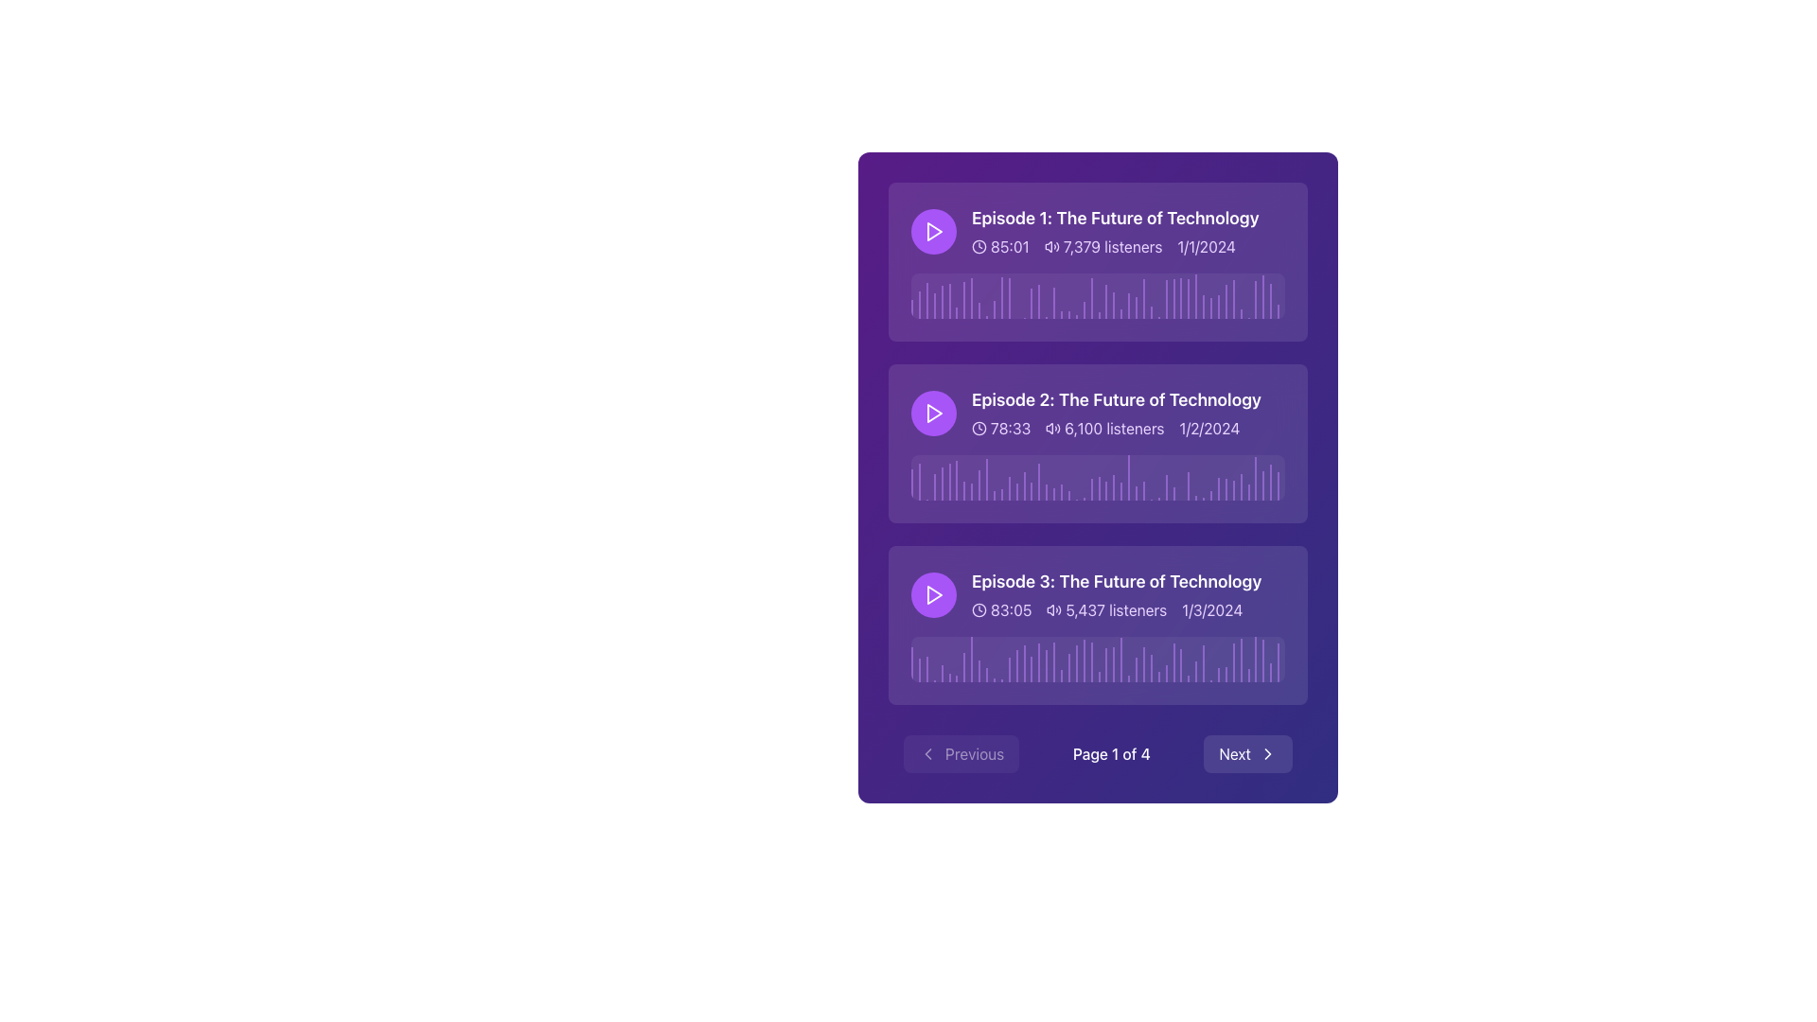 The width and height of the screenshot is (1817, 1022). Describe the element at coordinates (1157, 676) in the screenshot. I see `the graphical marker that indicates the specific position in the waveform chart of the third audio track, centered horizontally at 66% and being the 34th vertical line` at that location.